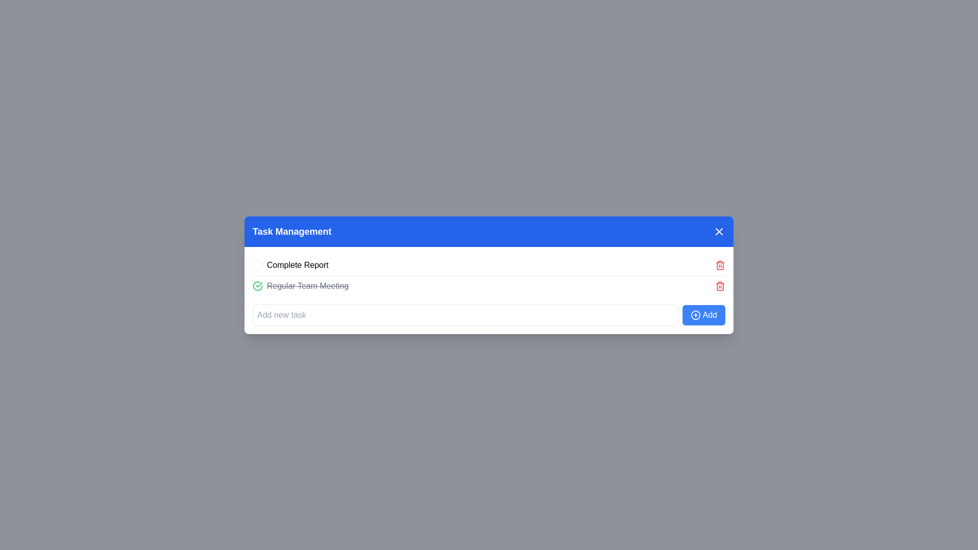  What do you see at coordinates (695, 314) in the screenshot?
I see `the graphical UI icon within the blue add button located at the bottom-right of the task management interface` at bounding box center [695, 314].